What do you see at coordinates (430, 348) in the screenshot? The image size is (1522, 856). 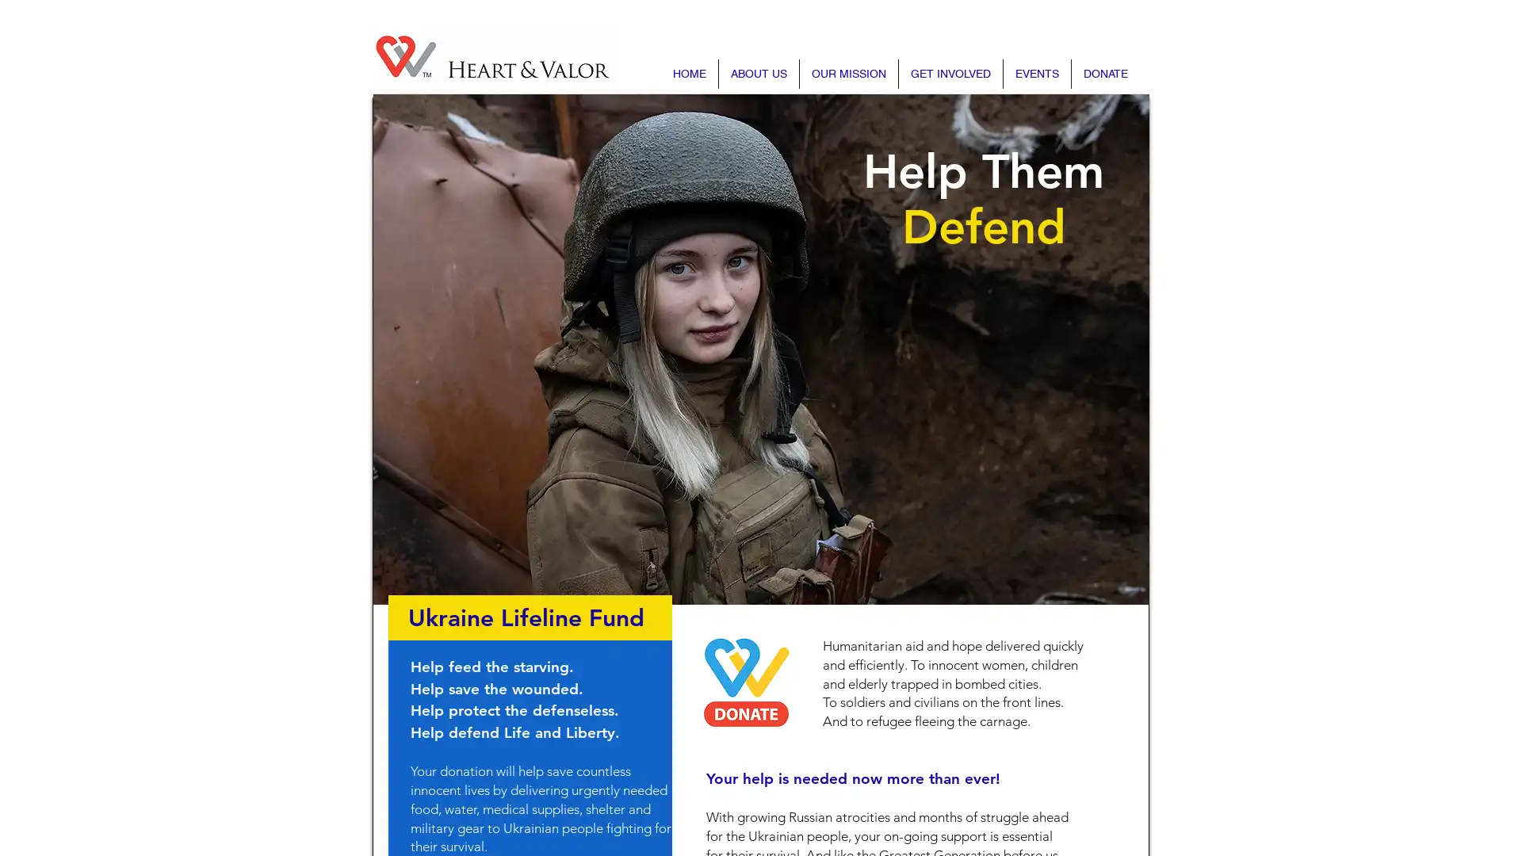 I see `Previous` at bounding box center [430, 348].